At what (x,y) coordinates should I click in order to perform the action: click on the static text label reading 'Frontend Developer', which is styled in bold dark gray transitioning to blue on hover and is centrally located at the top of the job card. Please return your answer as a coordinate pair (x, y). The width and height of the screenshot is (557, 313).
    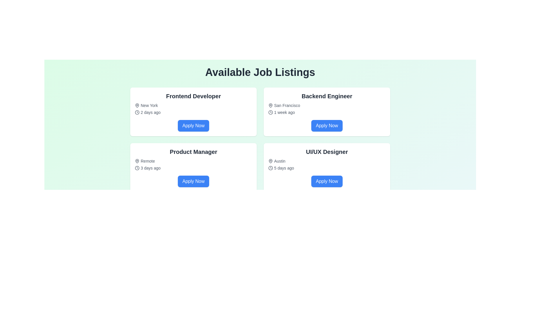
    Looking at the image, I should click on (193, 96).